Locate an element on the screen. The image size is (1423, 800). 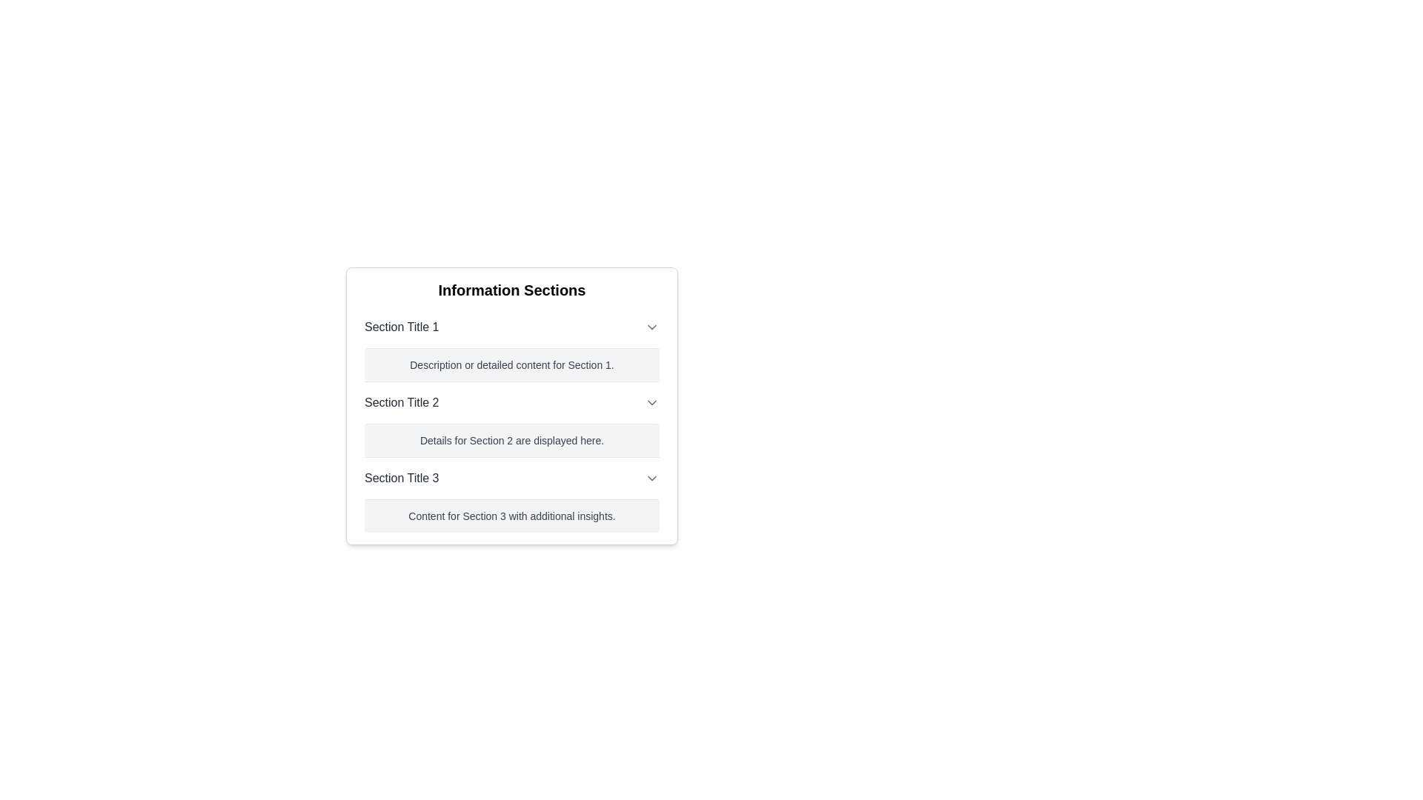
the chevron within the card style component is located at coordinates (512, 411).